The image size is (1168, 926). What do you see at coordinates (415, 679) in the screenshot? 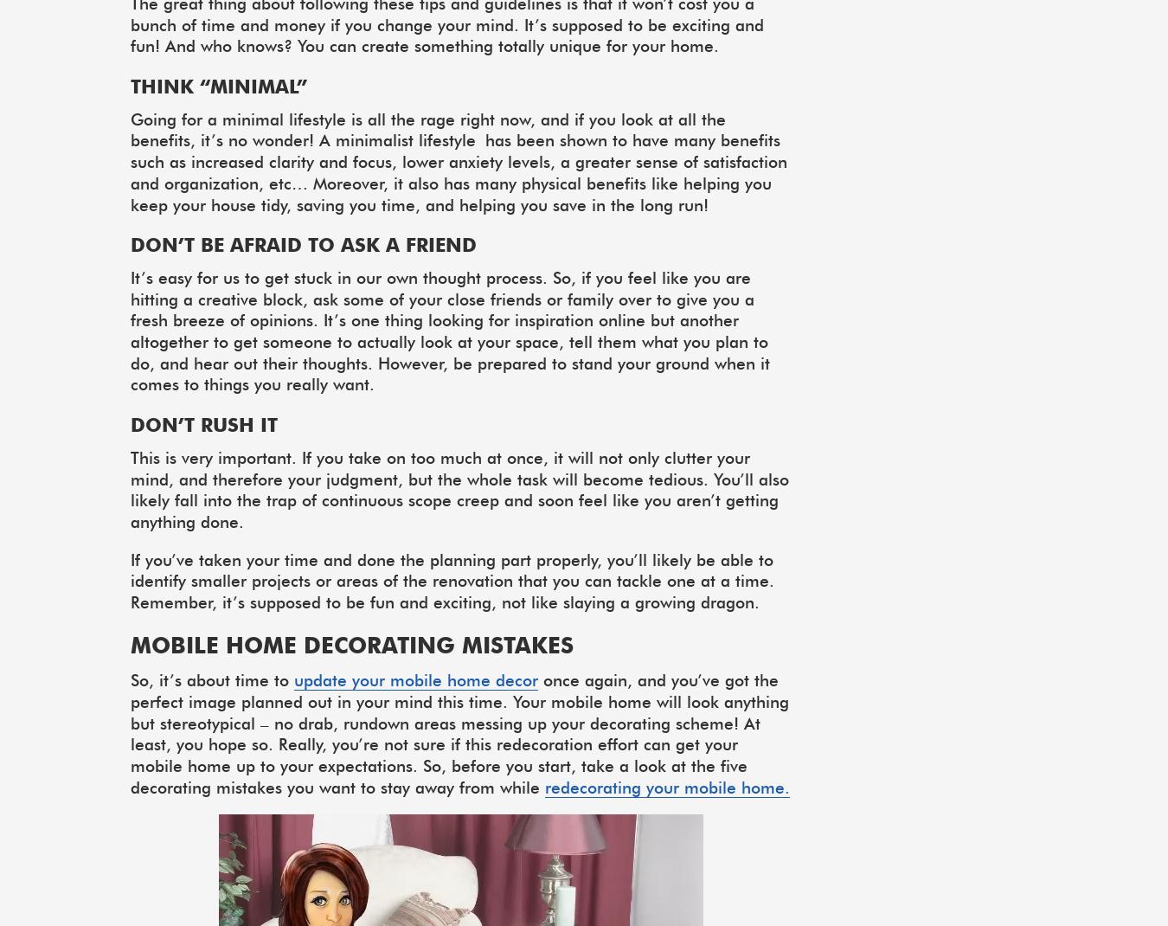
I see `'update your mobile home decor'` at bounding box center [415, 679].